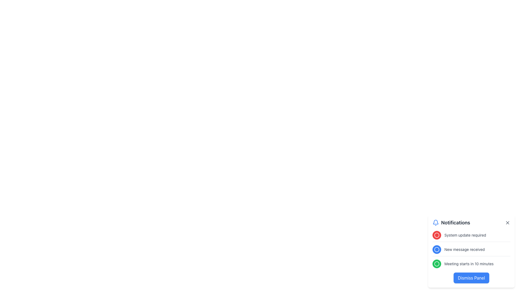  Describe the element at coordinates (471, 251) in the screenshot. I see `the icon of the second notification item in the vertical list` at that location.